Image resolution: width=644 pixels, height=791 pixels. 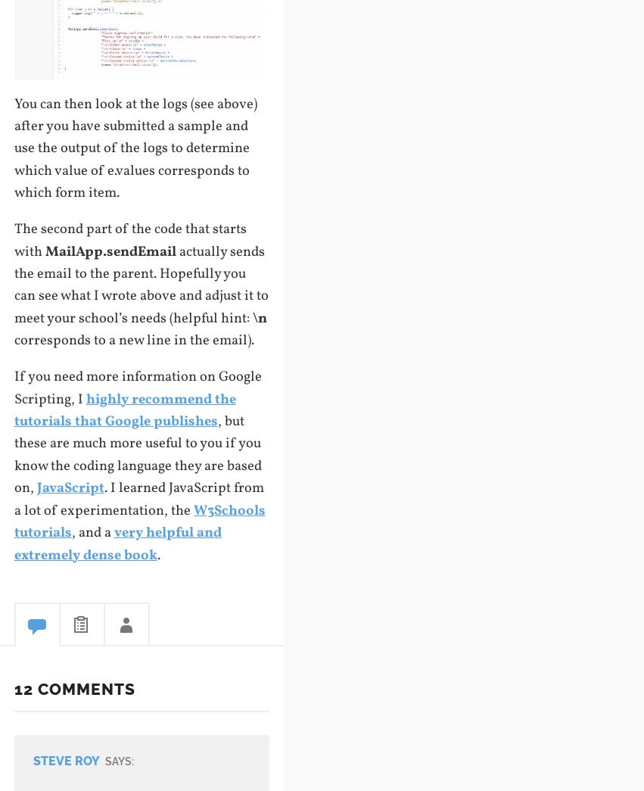 What do you see at coordinates (13, 340) in the screenshot?
I see `'corresponds to a new line in the email).'` at bounding box center [13, 340].